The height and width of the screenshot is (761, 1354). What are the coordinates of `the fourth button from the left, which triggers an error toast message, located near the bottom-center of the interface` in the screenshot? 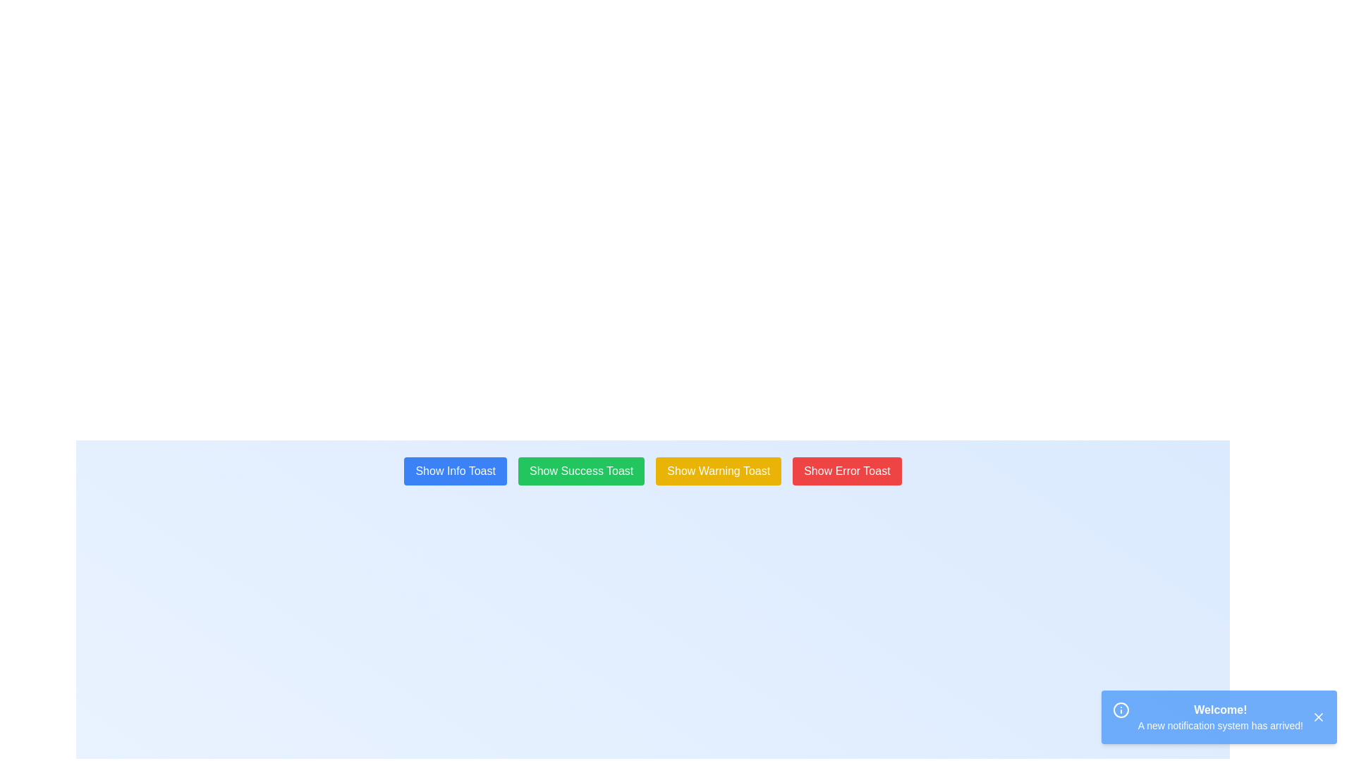 It's located at (846, 471).